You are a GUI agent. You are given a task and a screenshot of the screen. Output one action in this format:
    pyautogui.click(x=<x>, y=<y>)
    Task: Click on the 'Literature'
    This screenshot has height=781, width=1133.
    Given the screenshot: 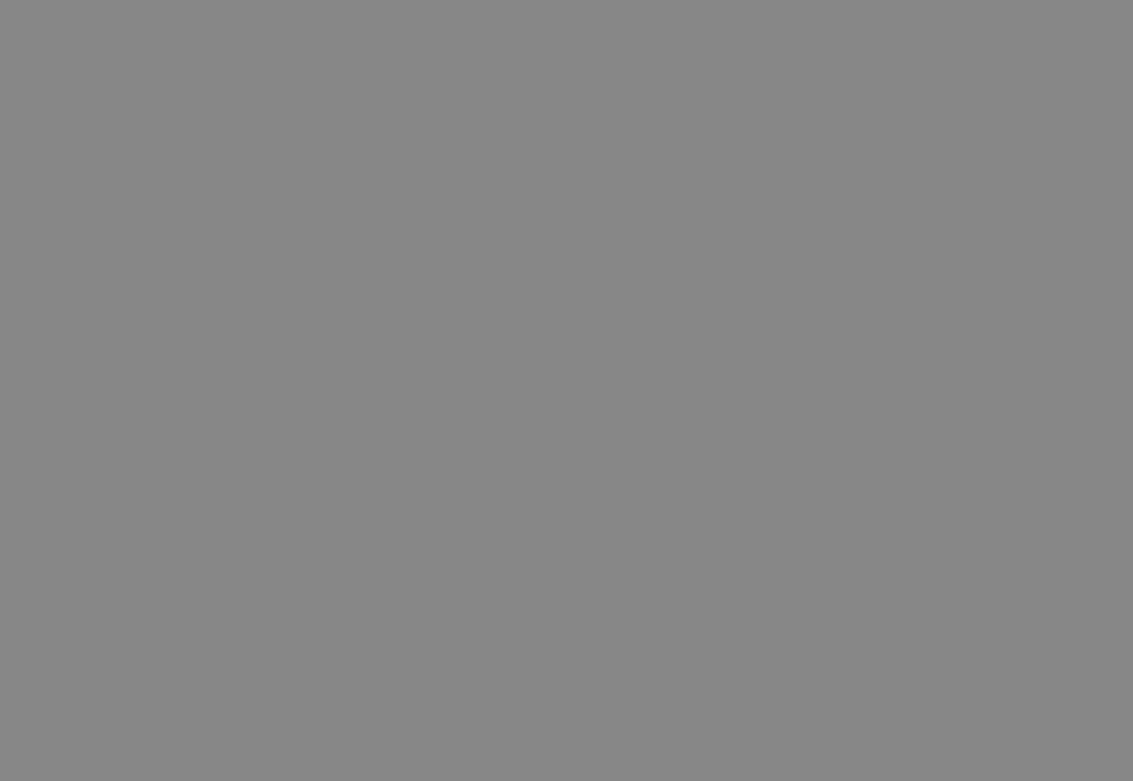 What is the action you would take?
    pyautogui.click(x=144, y=327)
    